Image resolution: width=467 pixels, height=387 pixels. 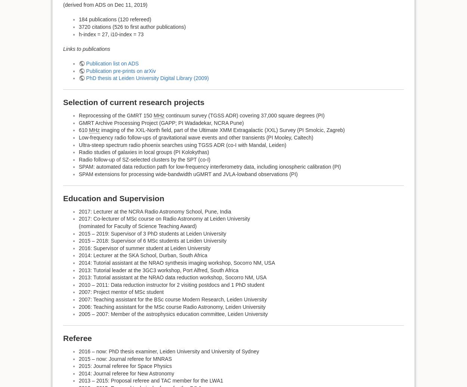 What do you see at coordinates (114, 197) in the screenshot?
I see `'Education and Supervision'` at bounding box center [114, 197].